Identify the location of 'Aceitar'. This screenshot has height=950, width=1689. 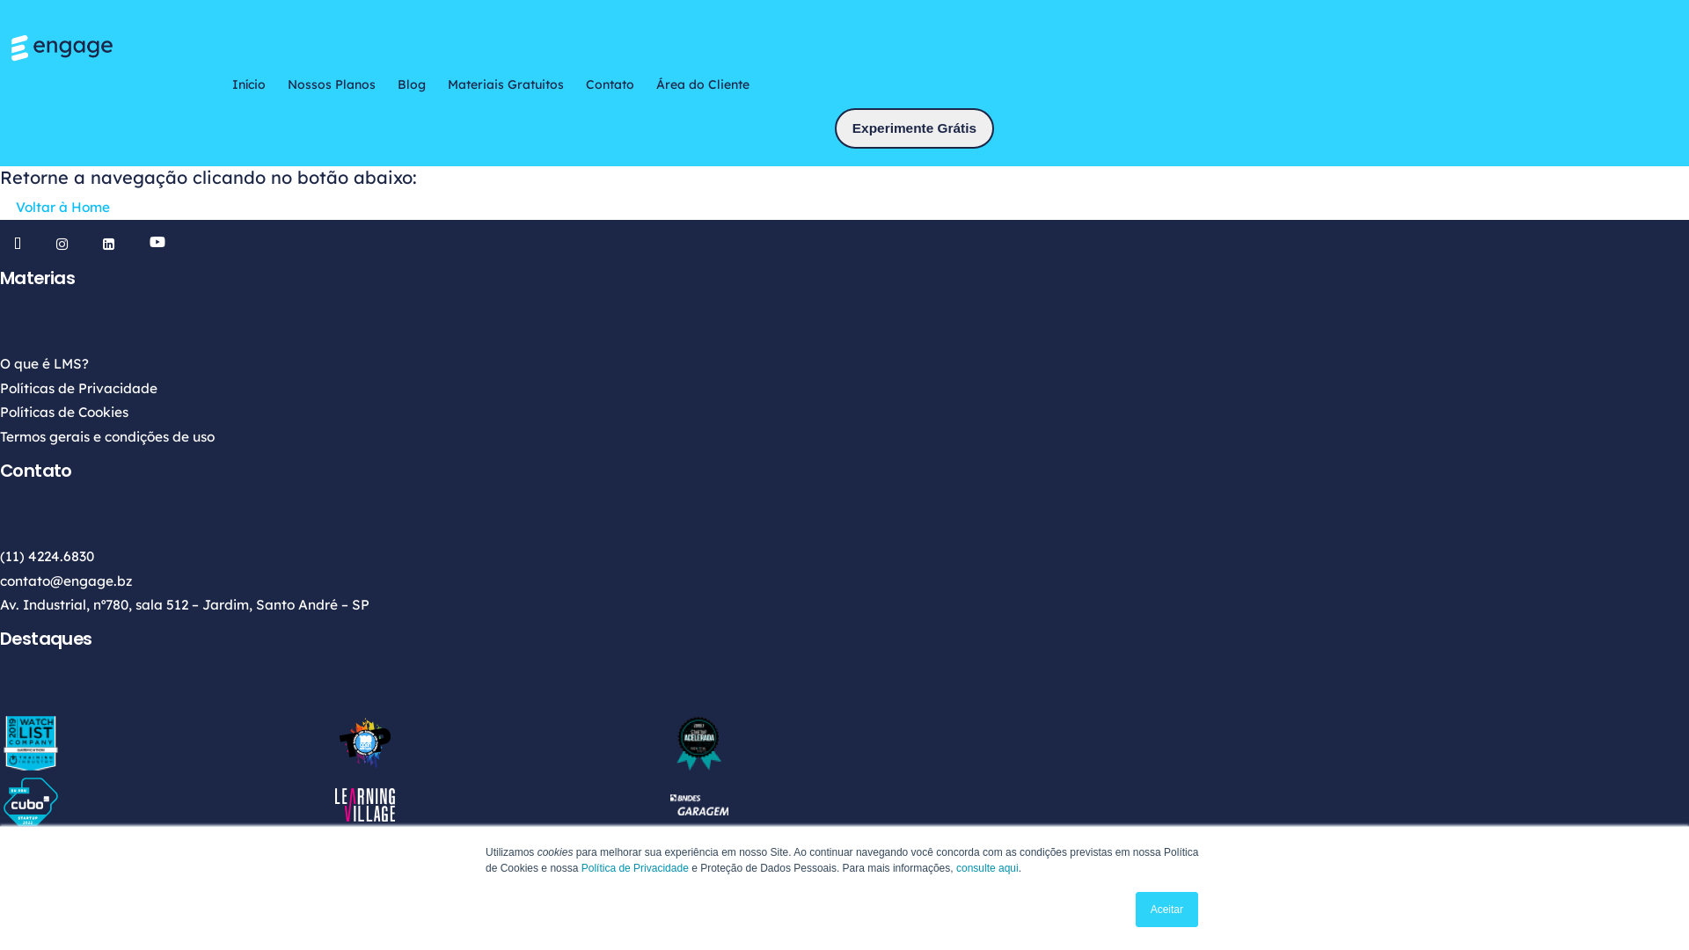
(1166, 909).